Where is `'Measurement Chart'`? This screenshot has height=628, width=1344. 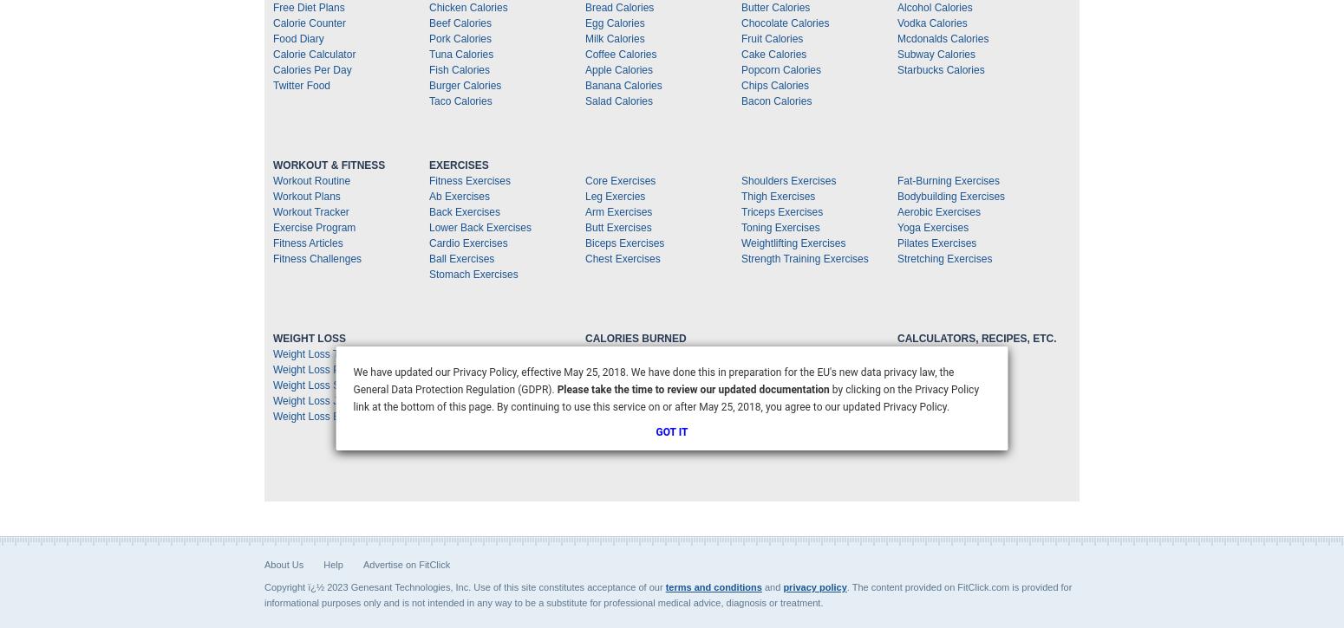 'Measurement Chart' is located at coordinates (897, 399).